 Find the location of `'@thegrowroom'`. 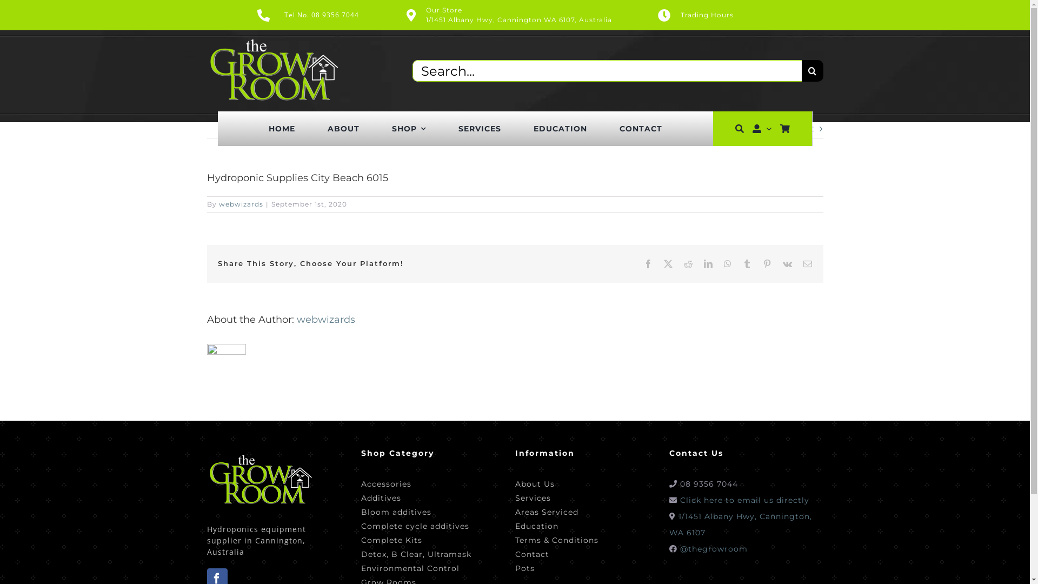

'@thegrowroom' is located at coordinates (714, 548).